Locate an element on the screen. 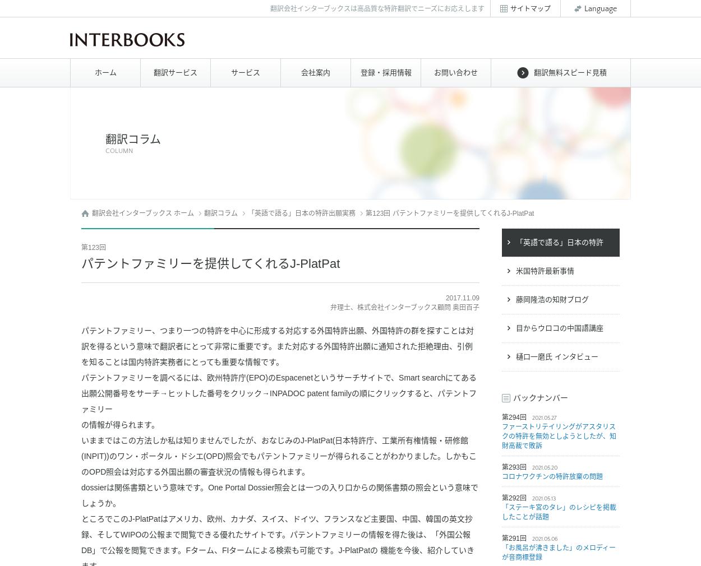 The height and width of the screenshot is (566, 701). '第293回' is located at coordinates (514, 467).